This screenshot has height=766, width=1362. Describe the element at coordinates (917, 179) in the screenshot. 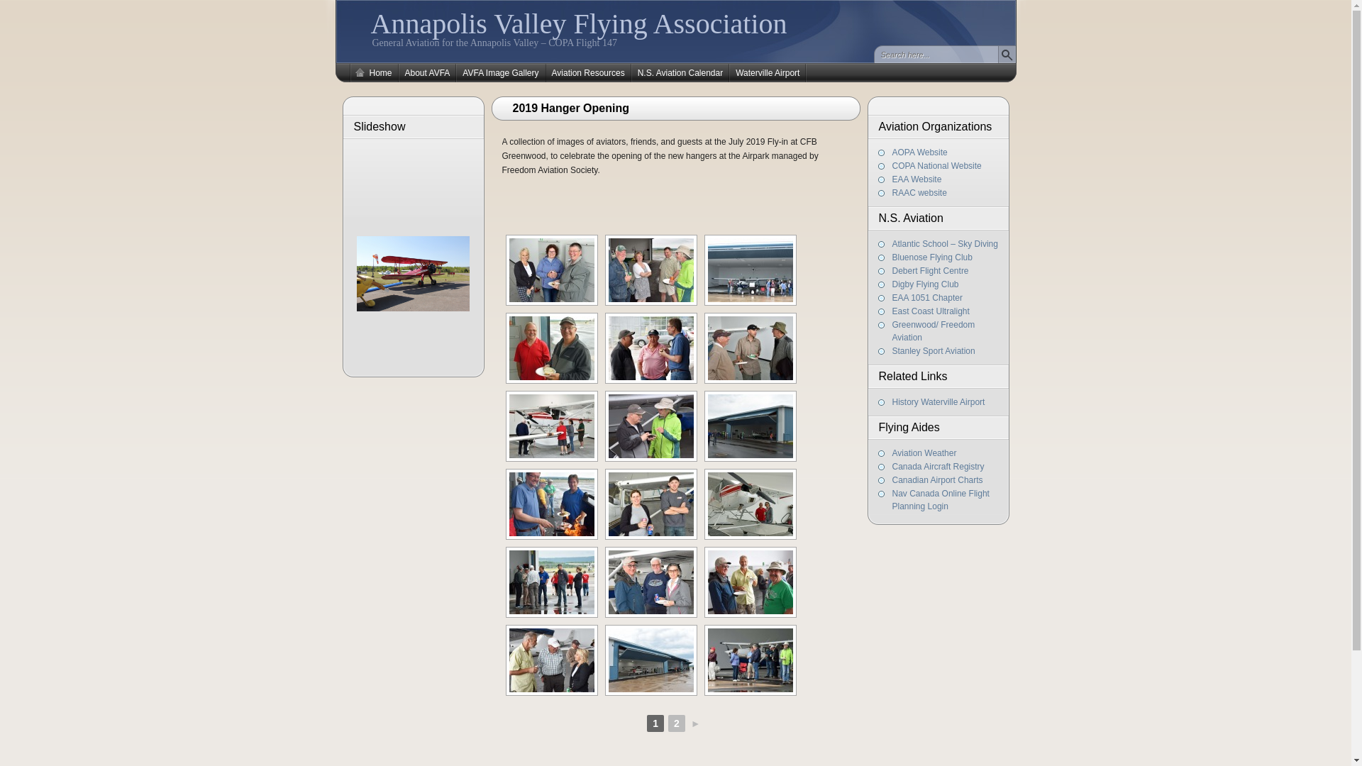

I see `'EAA Website'` at that location.